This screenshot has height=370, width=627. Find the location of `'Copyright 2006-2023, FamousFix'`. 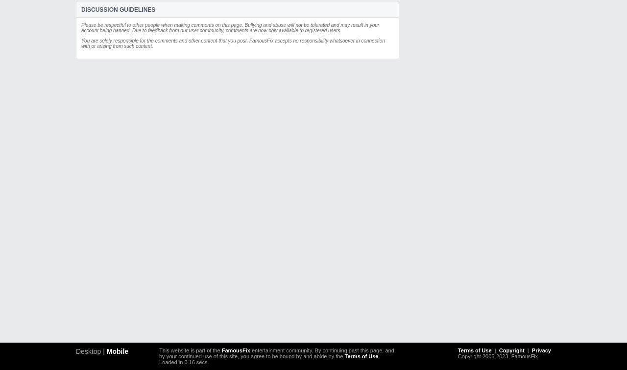

'Copyright 2006-2023, FamousFix' is located at coordinates (497, 356).